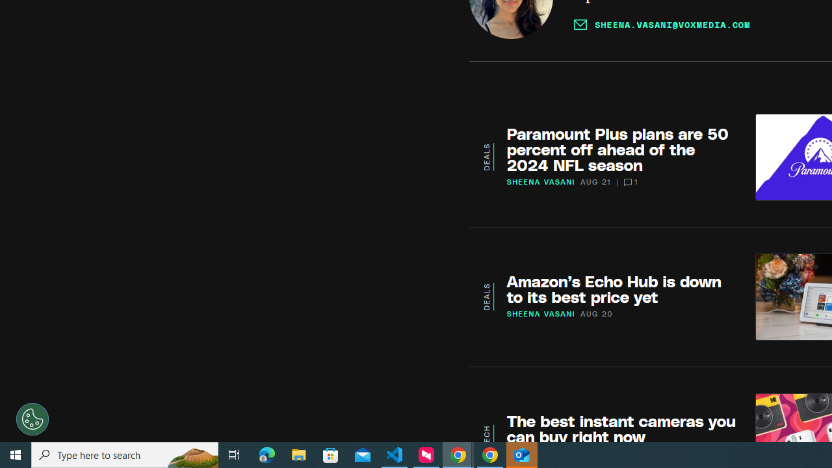 This screenshot has width=832, height=468. I want to click on 'Comments', so click(628, 182).